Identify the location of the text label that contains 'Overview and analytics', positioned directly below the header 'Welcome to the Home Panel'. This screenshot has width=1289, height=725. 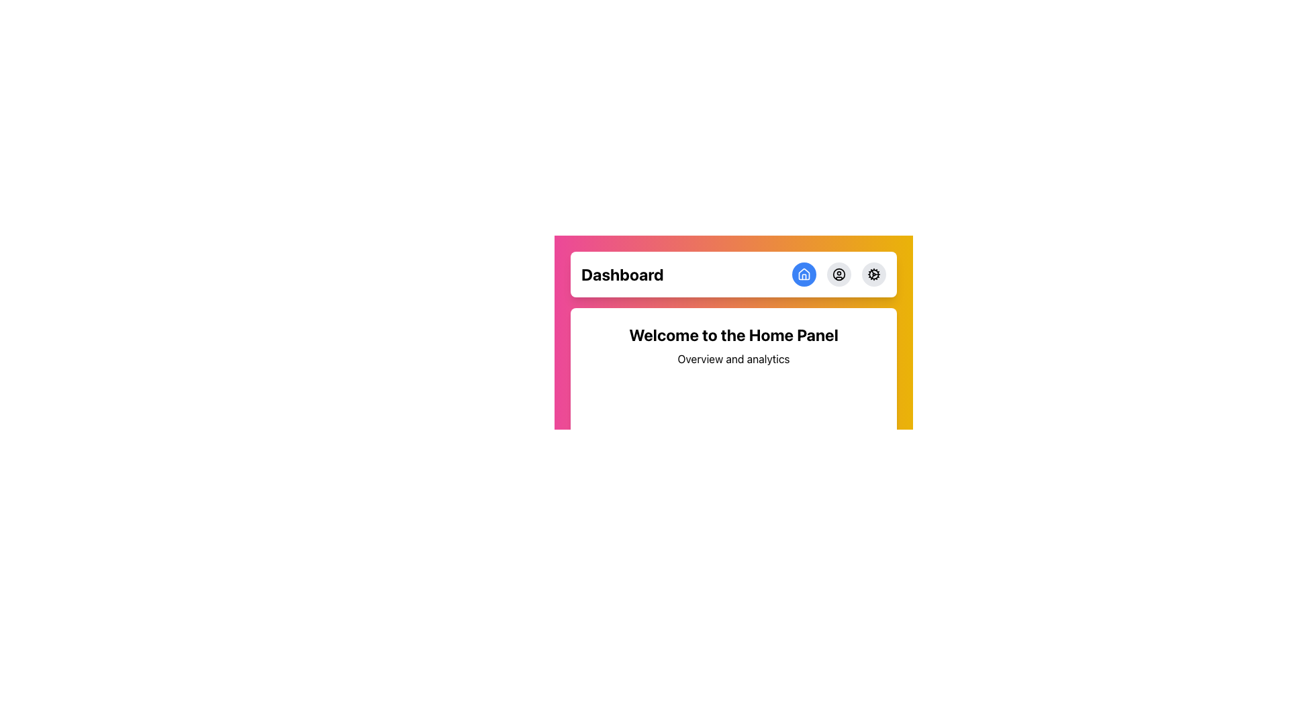
(733, 358).